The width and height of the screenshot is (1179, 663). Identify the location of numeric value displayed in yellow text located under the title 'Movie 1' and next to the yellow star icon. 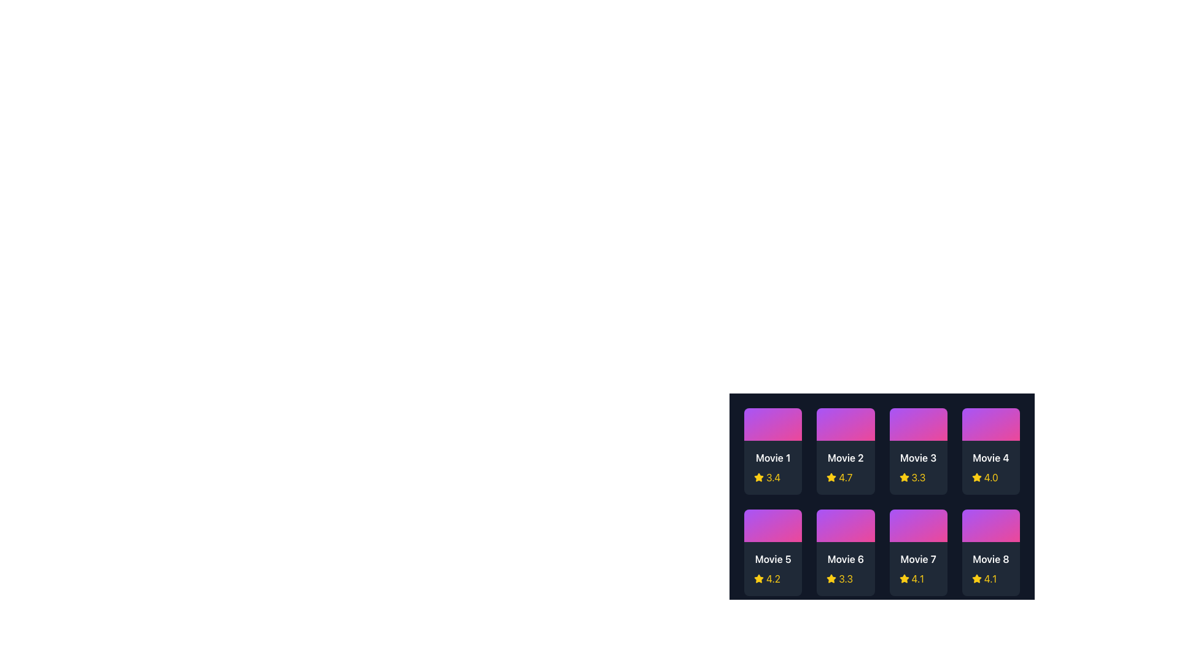
(772, 477).